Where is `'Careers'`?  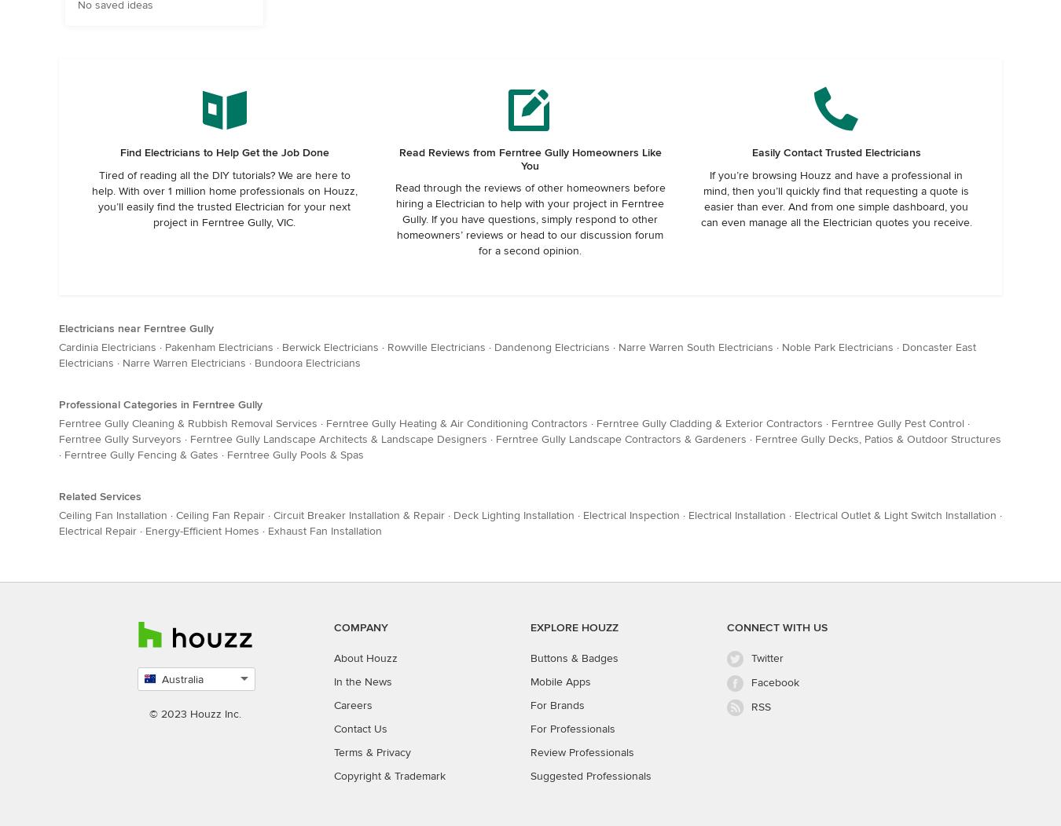
'Careers' is located at coordinates (333, 704).